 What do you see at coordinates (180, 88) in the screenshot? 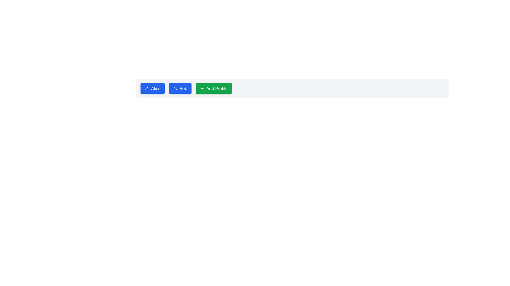
I see `the button representing user 'Bob', which is the second of three horizontally aligned buttons, to trigger the hover effect` at bounding box center [180, 88].